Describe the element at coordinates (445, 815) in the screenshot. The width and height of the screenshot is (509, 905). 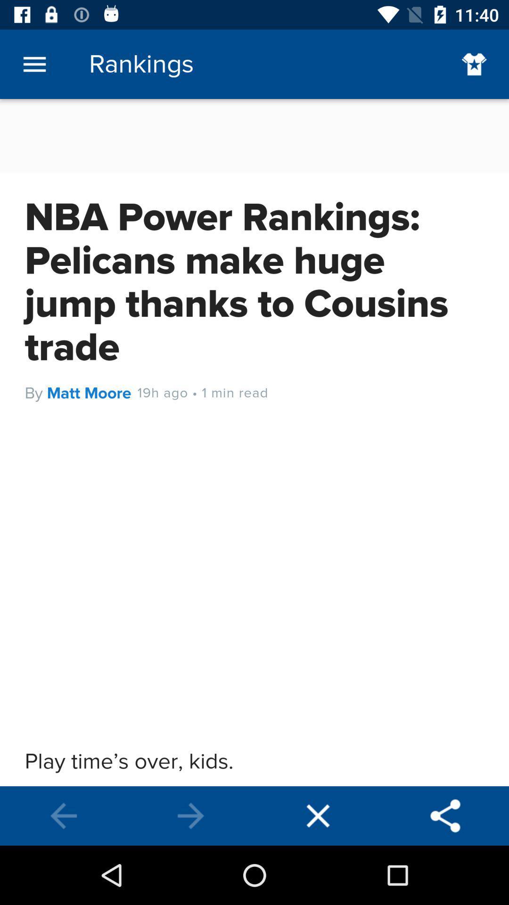
I see `share button` at that location.